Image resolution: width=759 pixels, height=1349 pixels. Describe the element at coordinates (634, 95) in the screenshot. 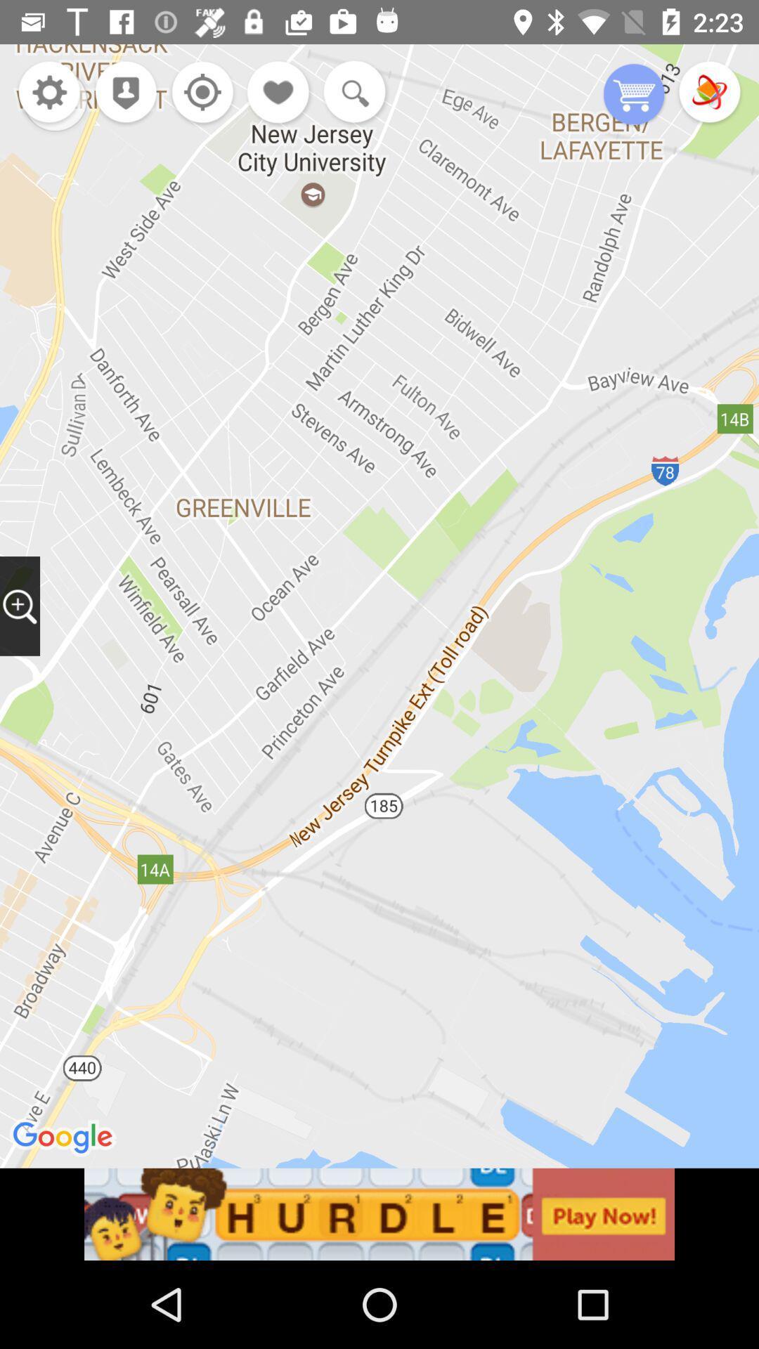

I see `groceries` at that location.